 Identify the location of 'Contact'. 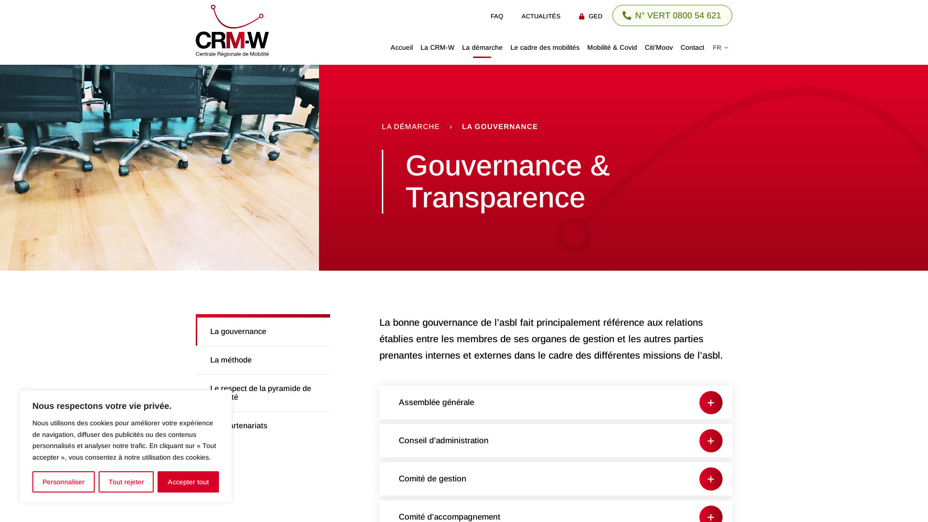
(692, 47).